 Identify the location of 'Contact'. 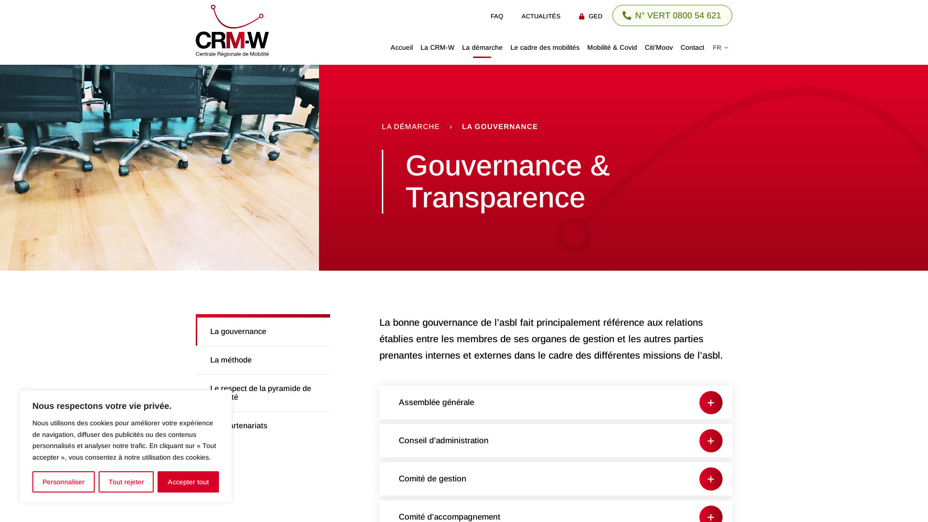
(692, 47).